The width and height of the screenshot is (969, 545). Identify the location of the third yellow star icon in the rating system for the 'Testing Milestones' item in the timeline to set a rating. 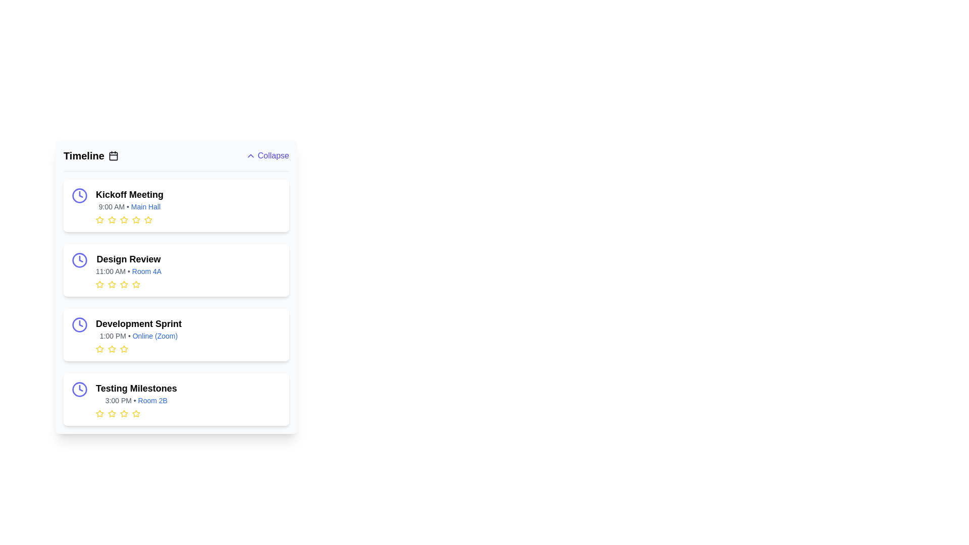
(123, 413).